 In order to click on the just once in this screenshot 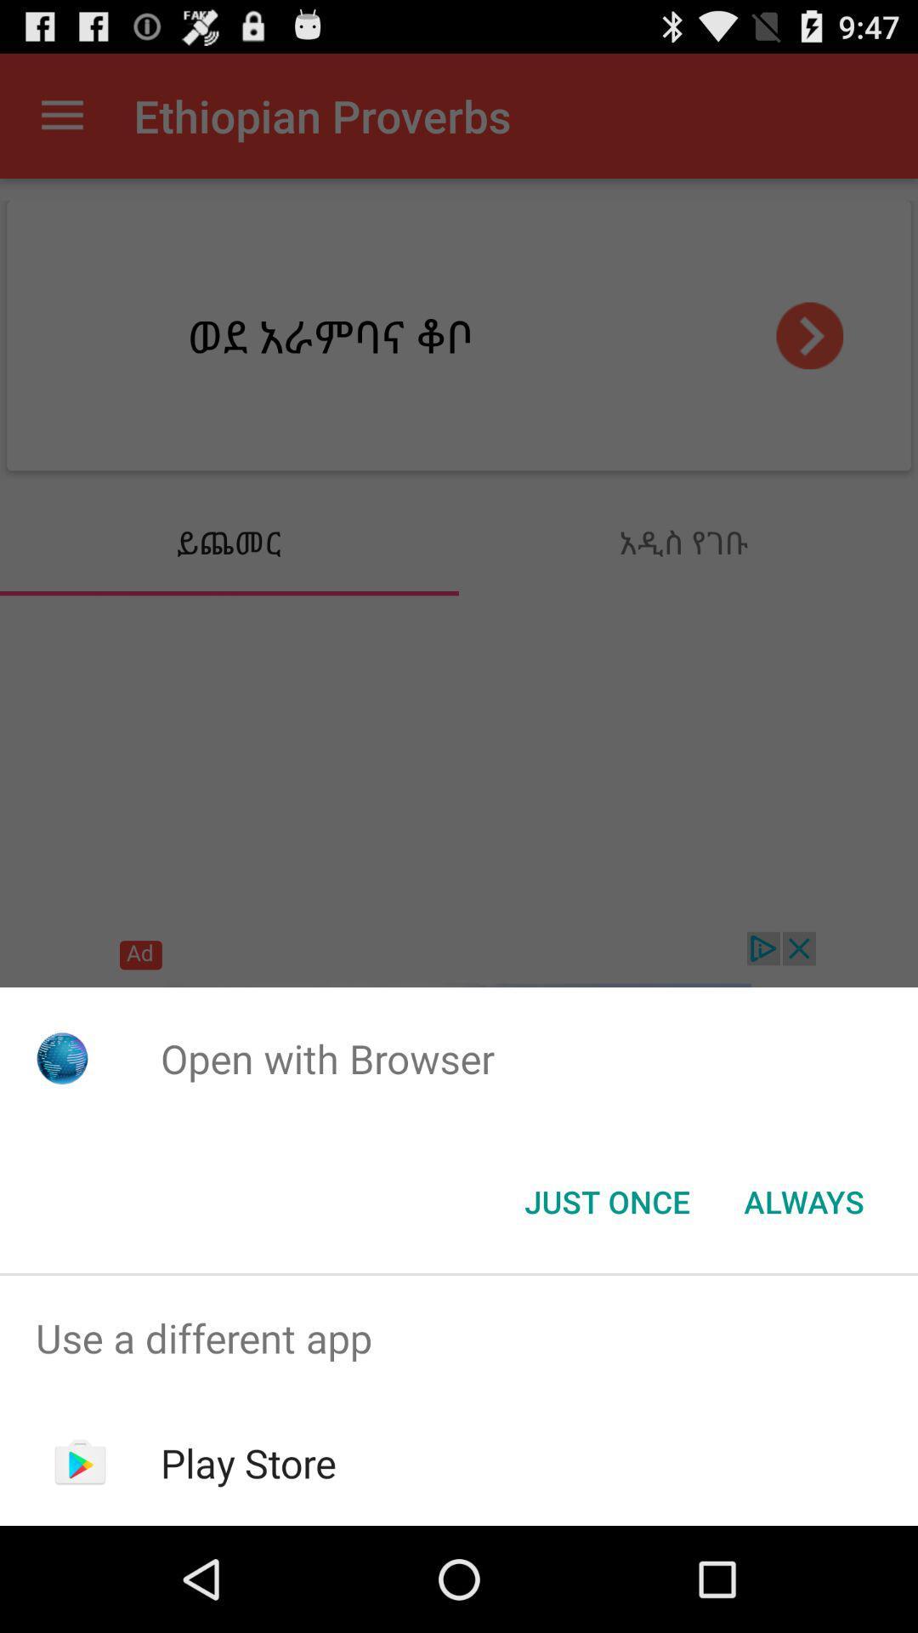, I will do `click(606, 1200)`.